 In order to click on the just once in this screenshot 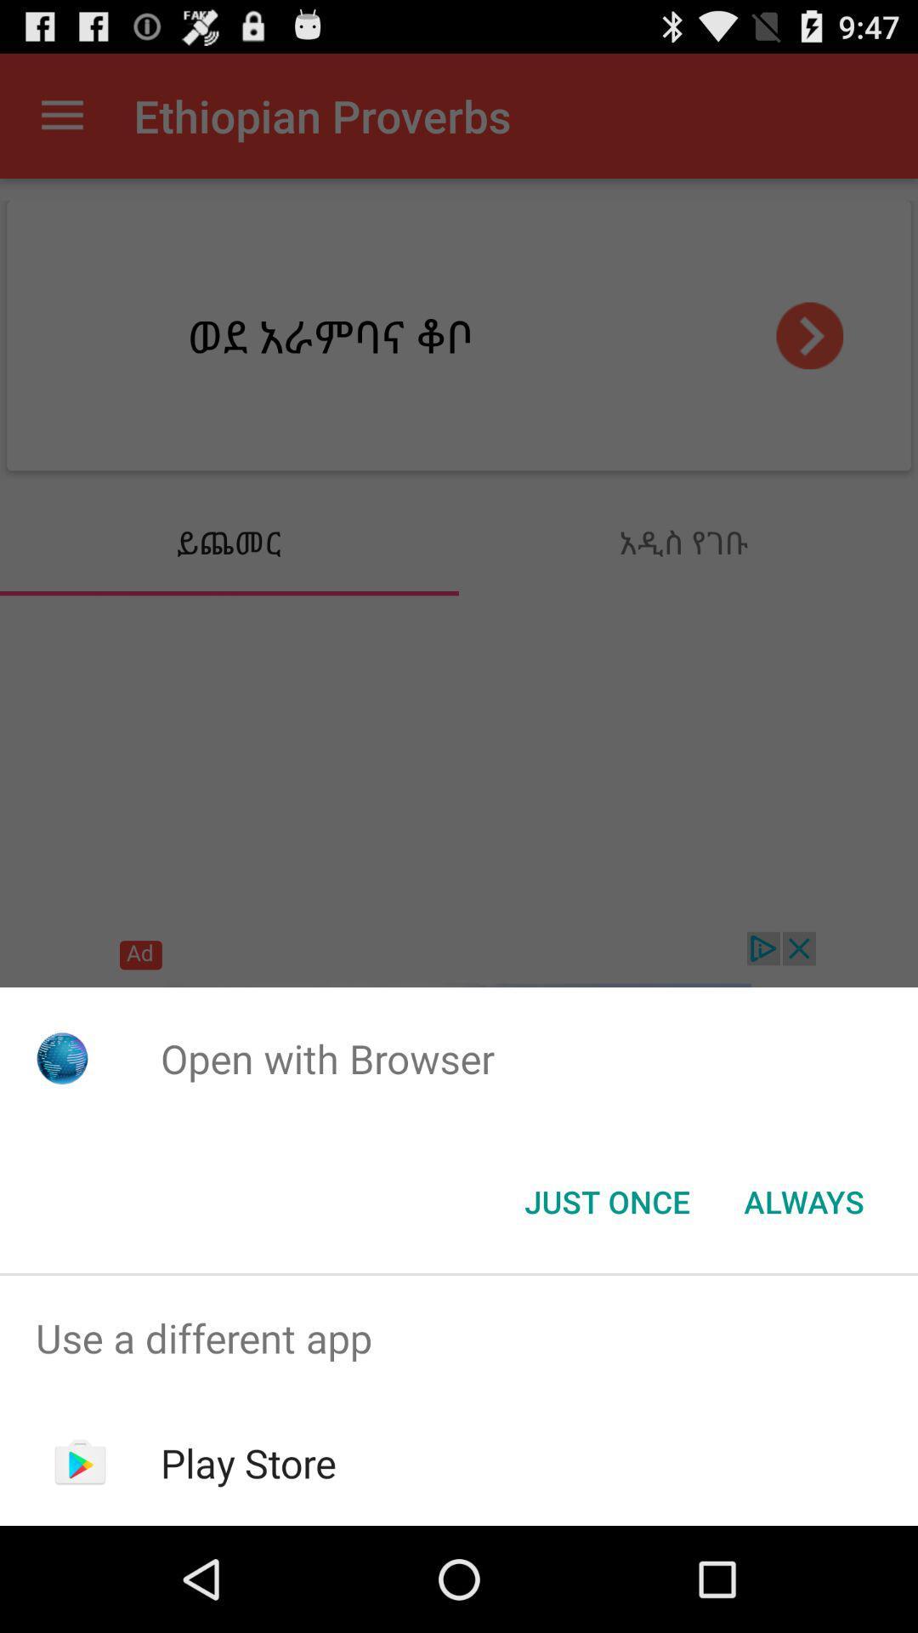, I will do `click(606, 1200)`.